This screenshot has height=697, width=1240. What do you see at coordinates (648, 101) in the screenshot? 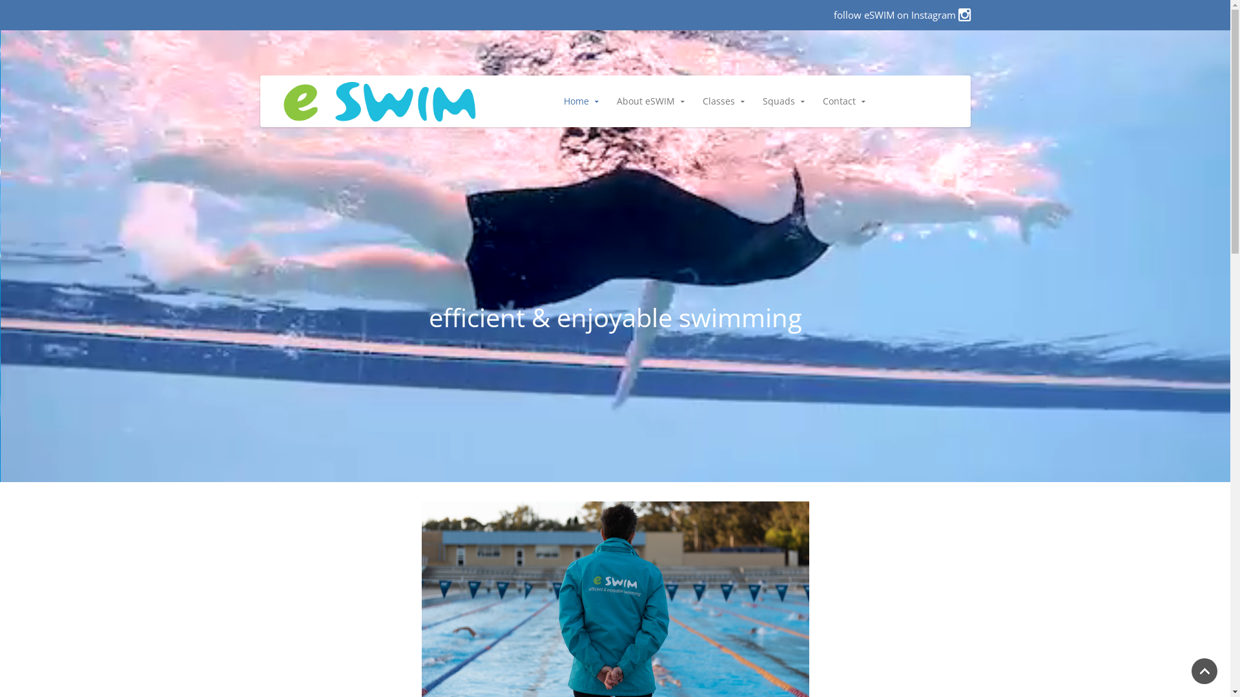
I see `'About eSWIM'` at bounding box center [648, 101].